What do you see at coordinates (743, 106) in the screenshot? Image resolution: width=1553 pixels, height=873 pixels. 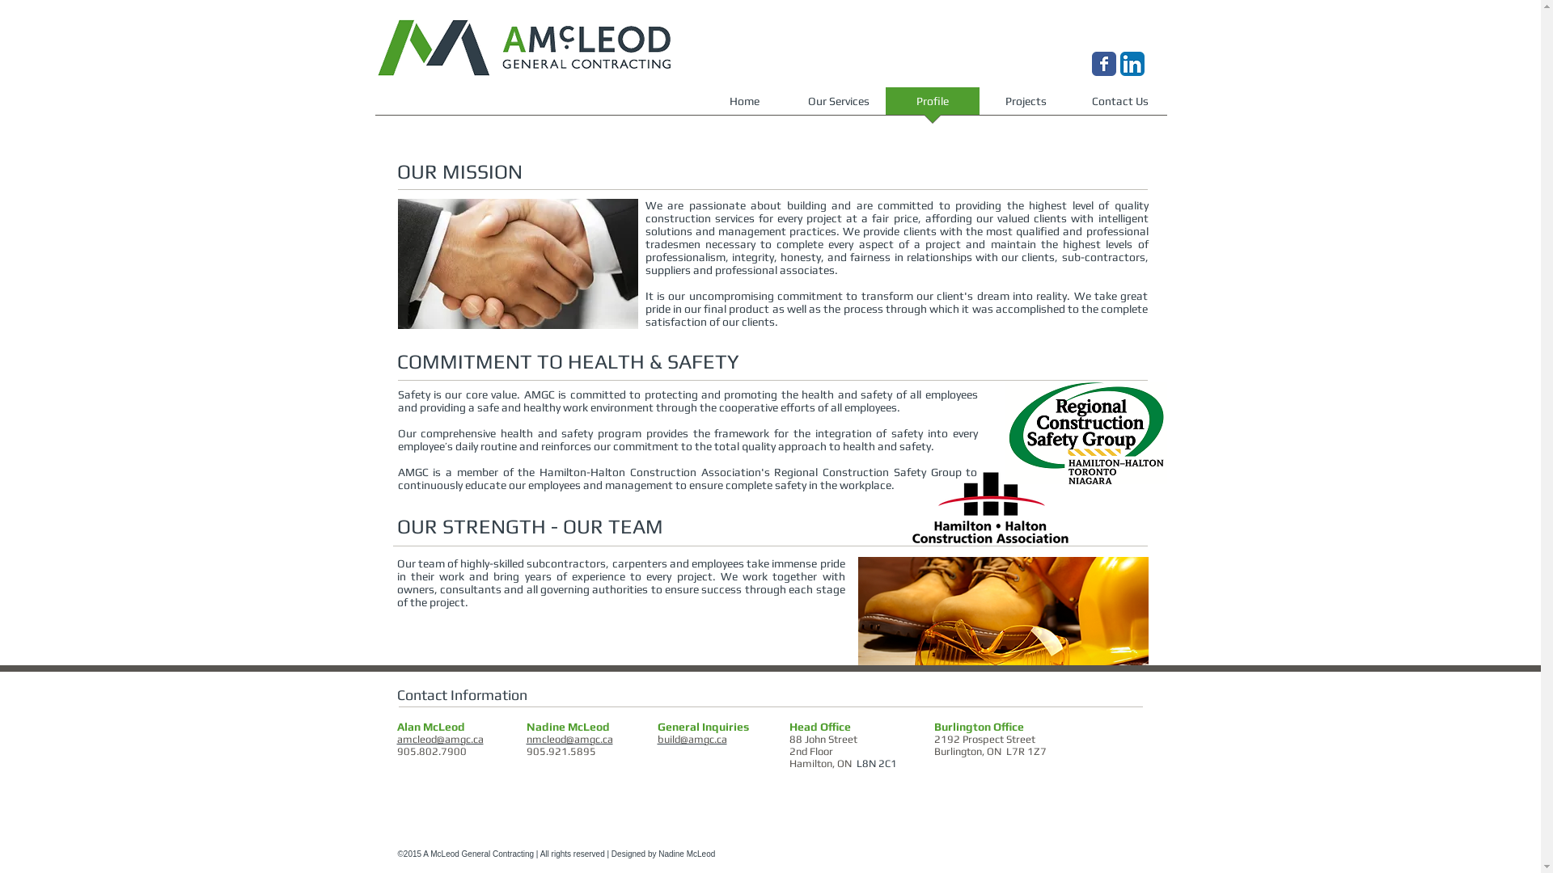 I see `'Home'` at bounding box center [743, 106].